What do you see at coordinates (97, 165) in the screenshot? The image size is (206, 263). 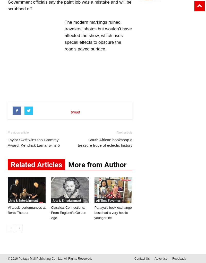 I see `'More from Author'` at bounding box center [97, 165].